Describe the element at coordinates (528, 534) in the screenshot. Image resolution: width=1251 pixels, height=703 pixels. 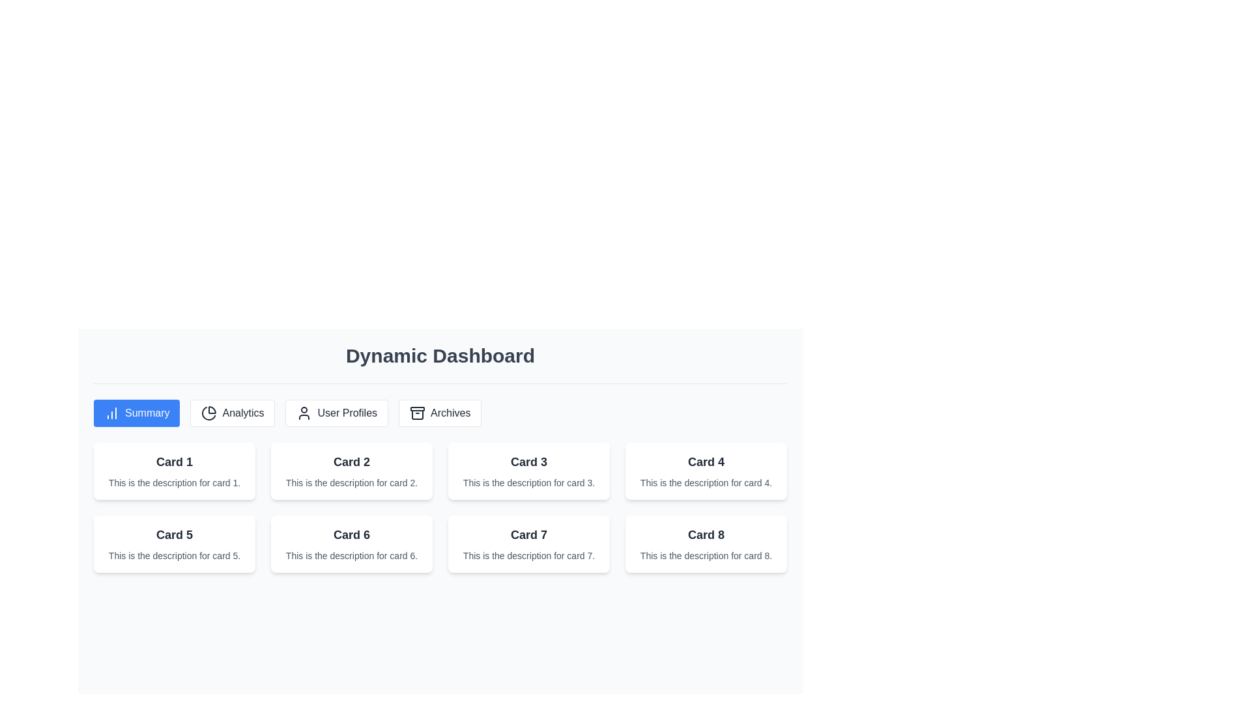
I see `the text content of the element displaying 'Card 7', which is a bolded title in dark gray color, located in the second row, third column of the grid layout` at that location.